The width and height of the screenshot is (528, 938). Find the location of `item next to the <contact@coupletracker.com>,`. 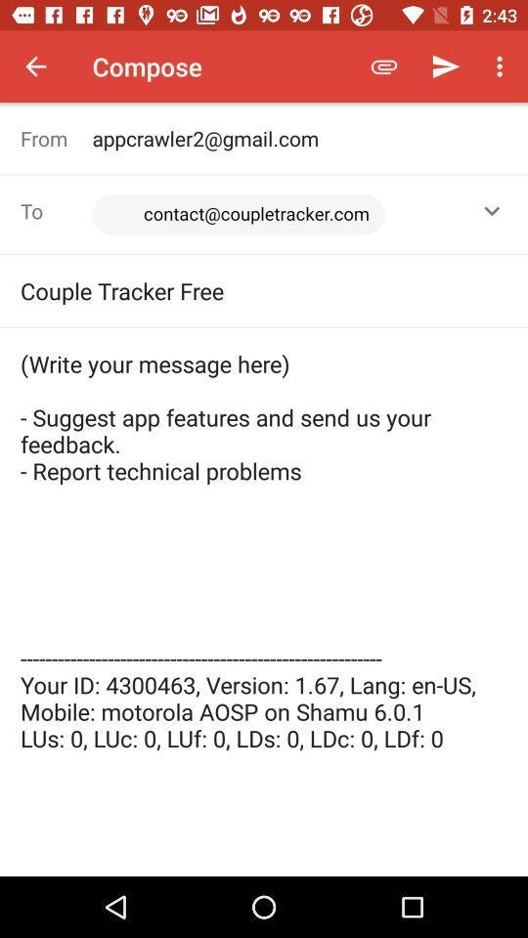

item next to the <contact@coupletracker.com>, is located at coordinates (56, 211).